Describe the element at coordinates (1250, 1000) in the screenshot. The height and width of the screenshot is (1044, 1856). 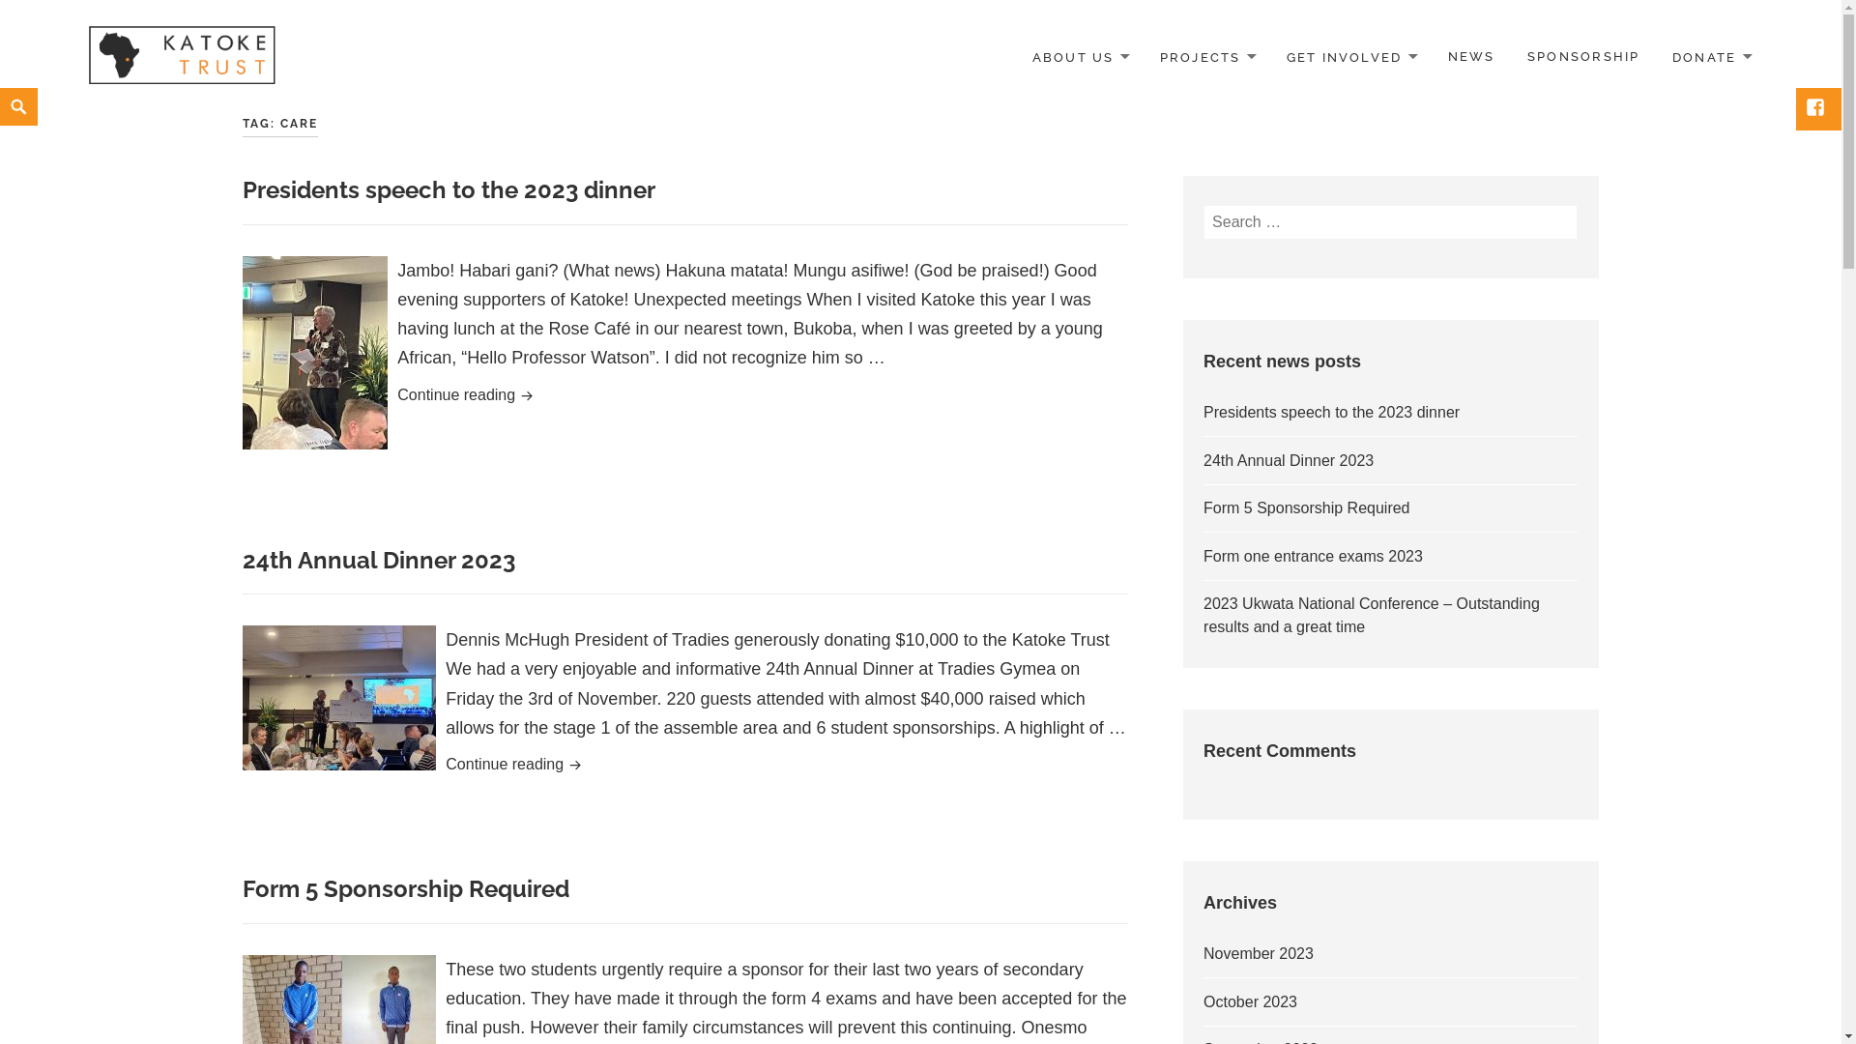
I see `'October 2023'` at that location.